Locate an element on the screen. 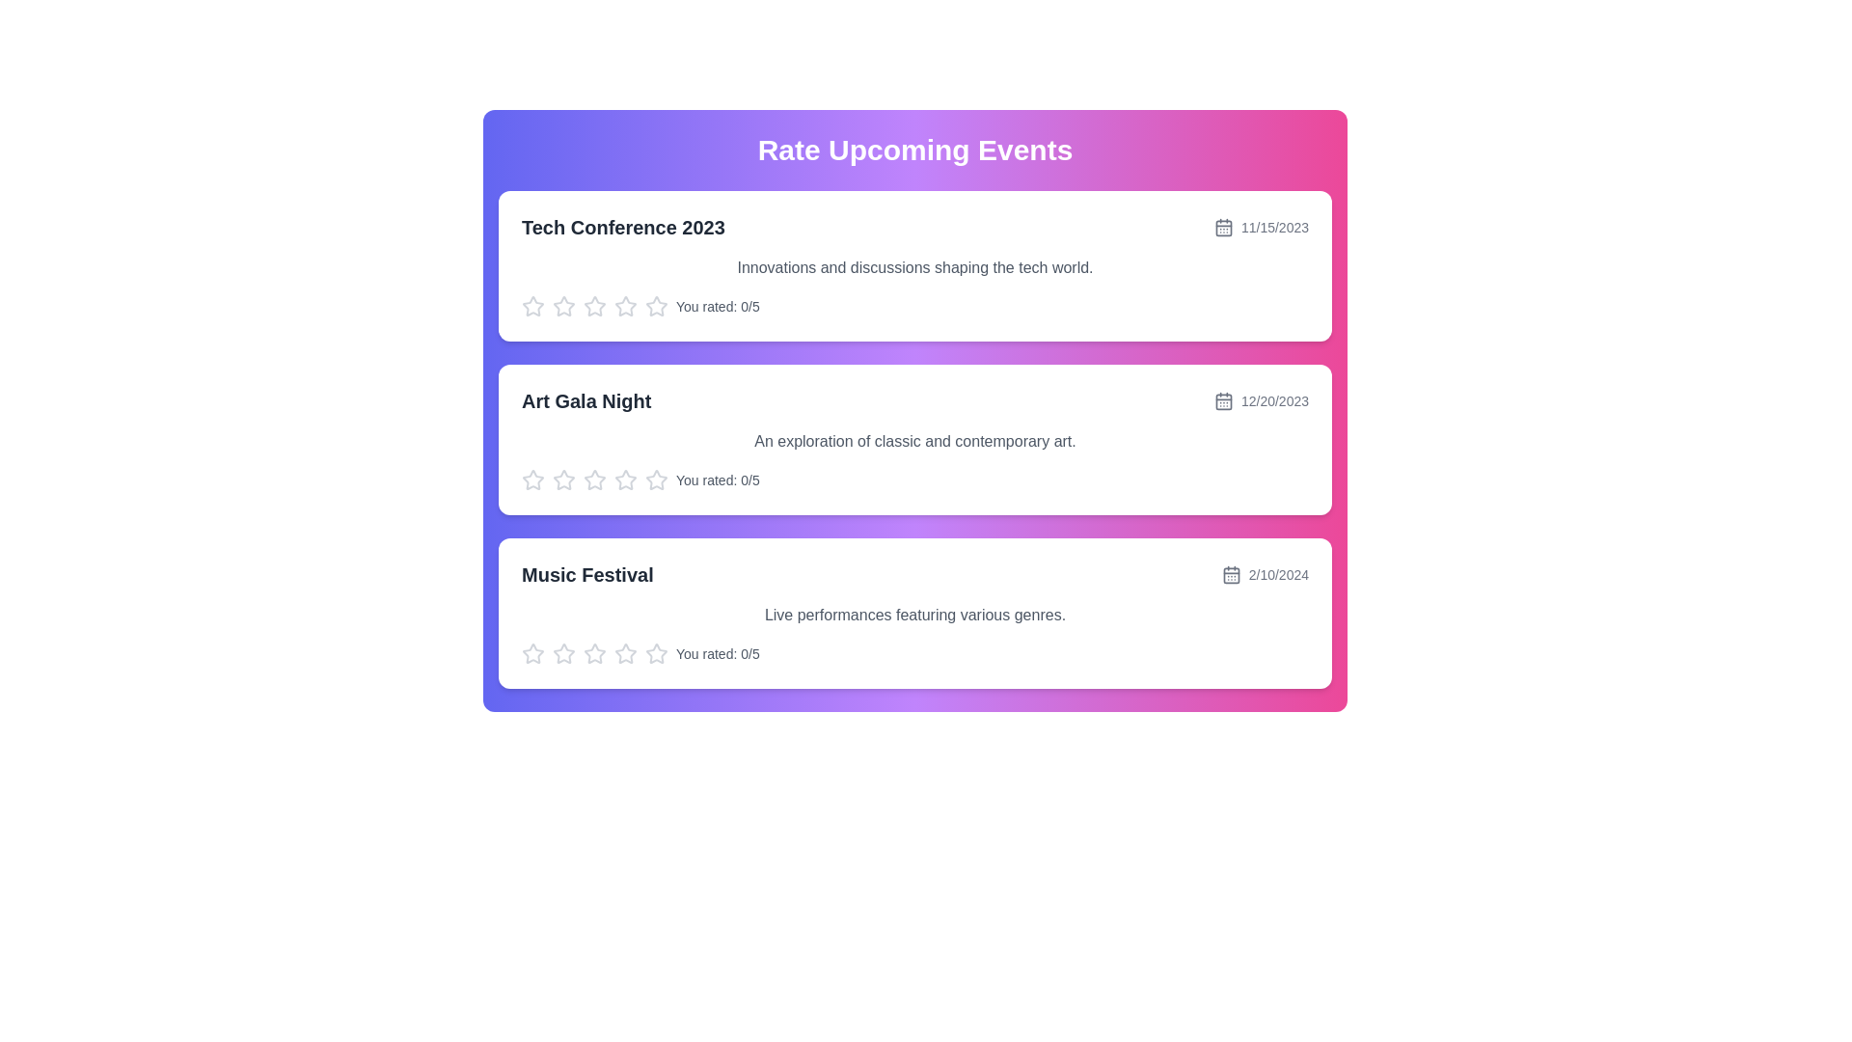 The width and height of the screenshot is (1852, 1042). the calendar icon located in the 'Music Festival' section, positioned to the left of the date '2/10/2024' is located at coordinates (1230, 574).